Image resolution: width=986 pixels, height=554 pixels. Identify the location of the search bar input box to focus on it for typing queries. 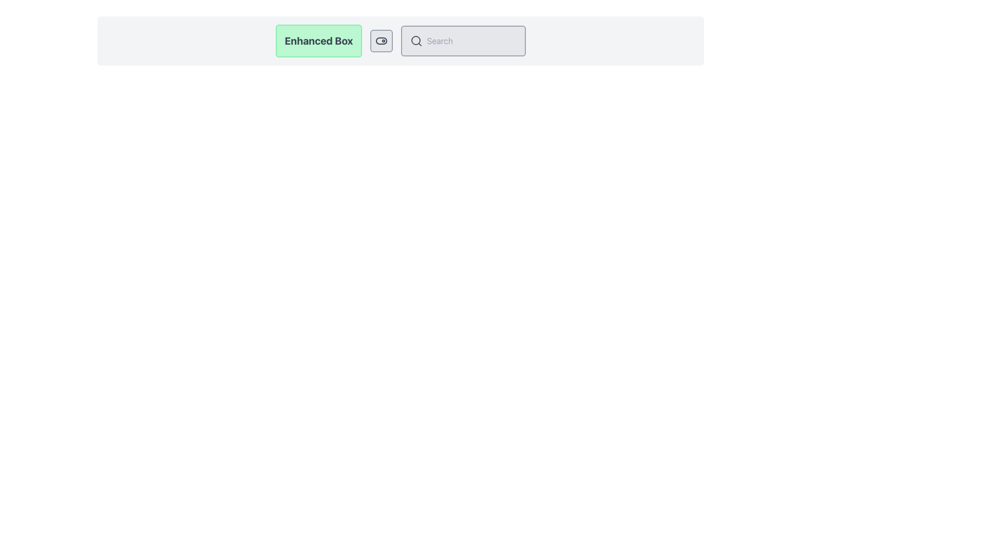
(471, 41).